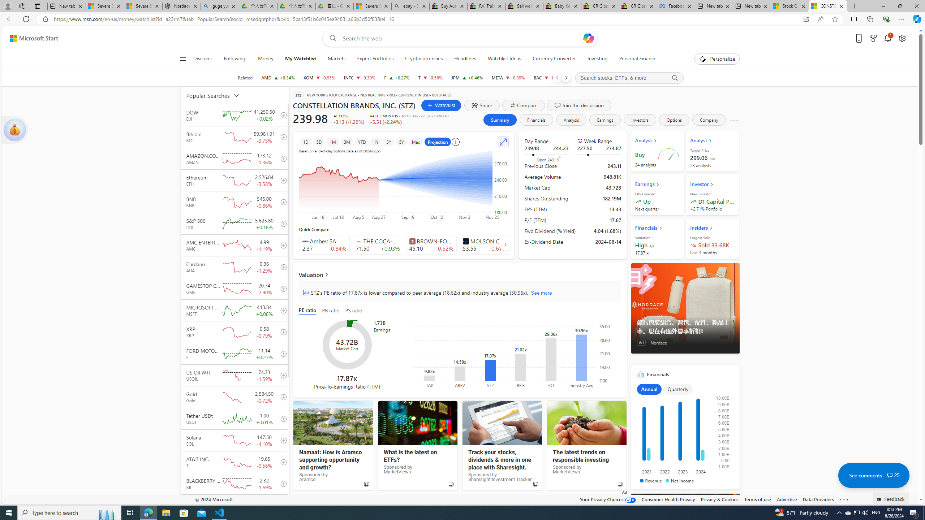 The width and height of the screenshot is (925, 520). Describe the element at coordinates (565, 77) in the screenshot. I see `'Next'` at that location.